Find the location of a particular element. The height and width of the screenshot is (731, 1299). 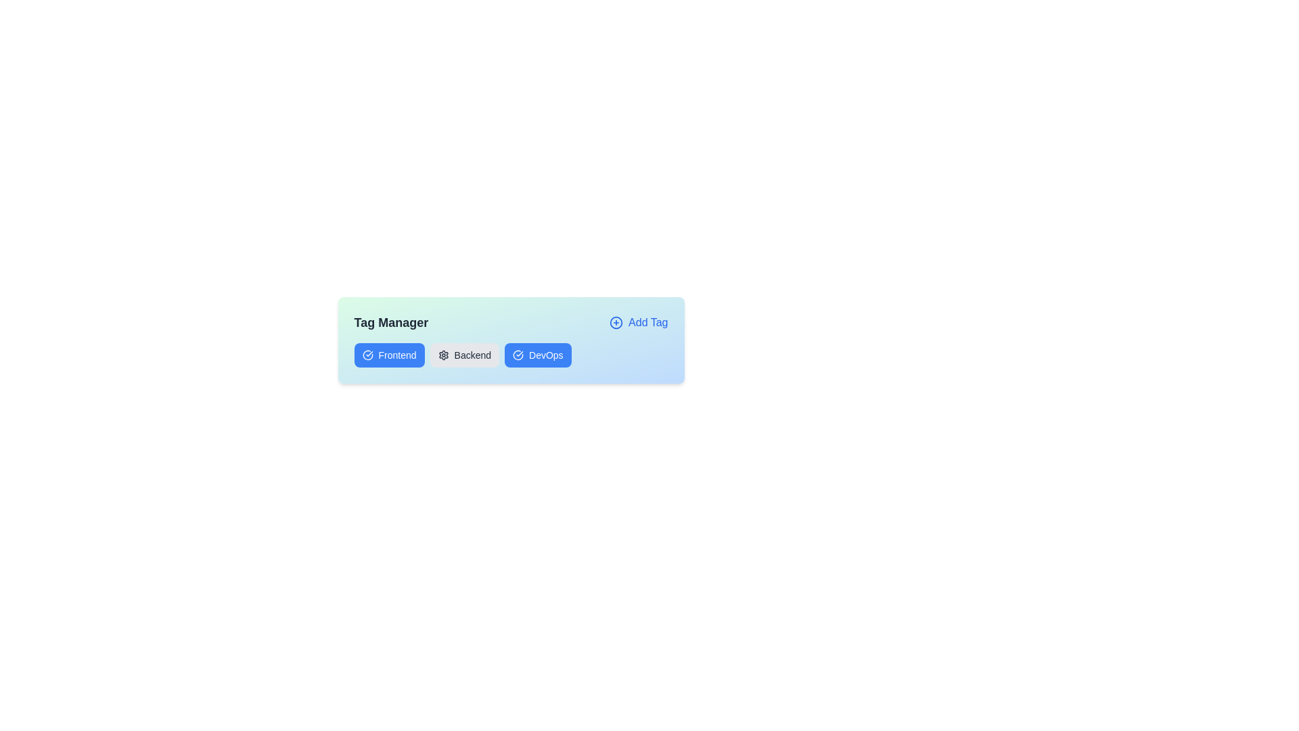

the 'Add Tag' button to observe hover effects is located at coordinates (638, 323).